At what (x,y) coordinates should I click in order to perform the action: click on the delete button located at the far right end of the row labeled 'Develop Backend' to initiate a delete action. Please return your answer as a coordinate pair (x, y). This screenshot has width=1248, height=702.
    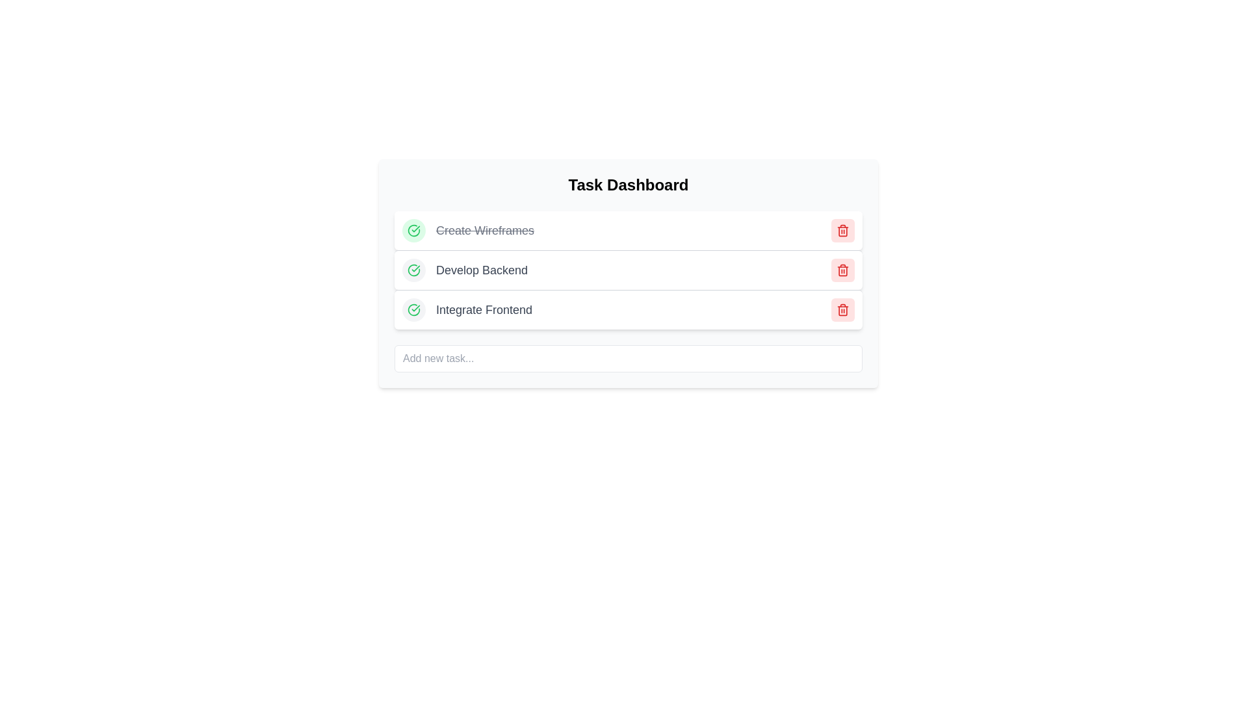
    Looking at the image, I should click on (842, 270).